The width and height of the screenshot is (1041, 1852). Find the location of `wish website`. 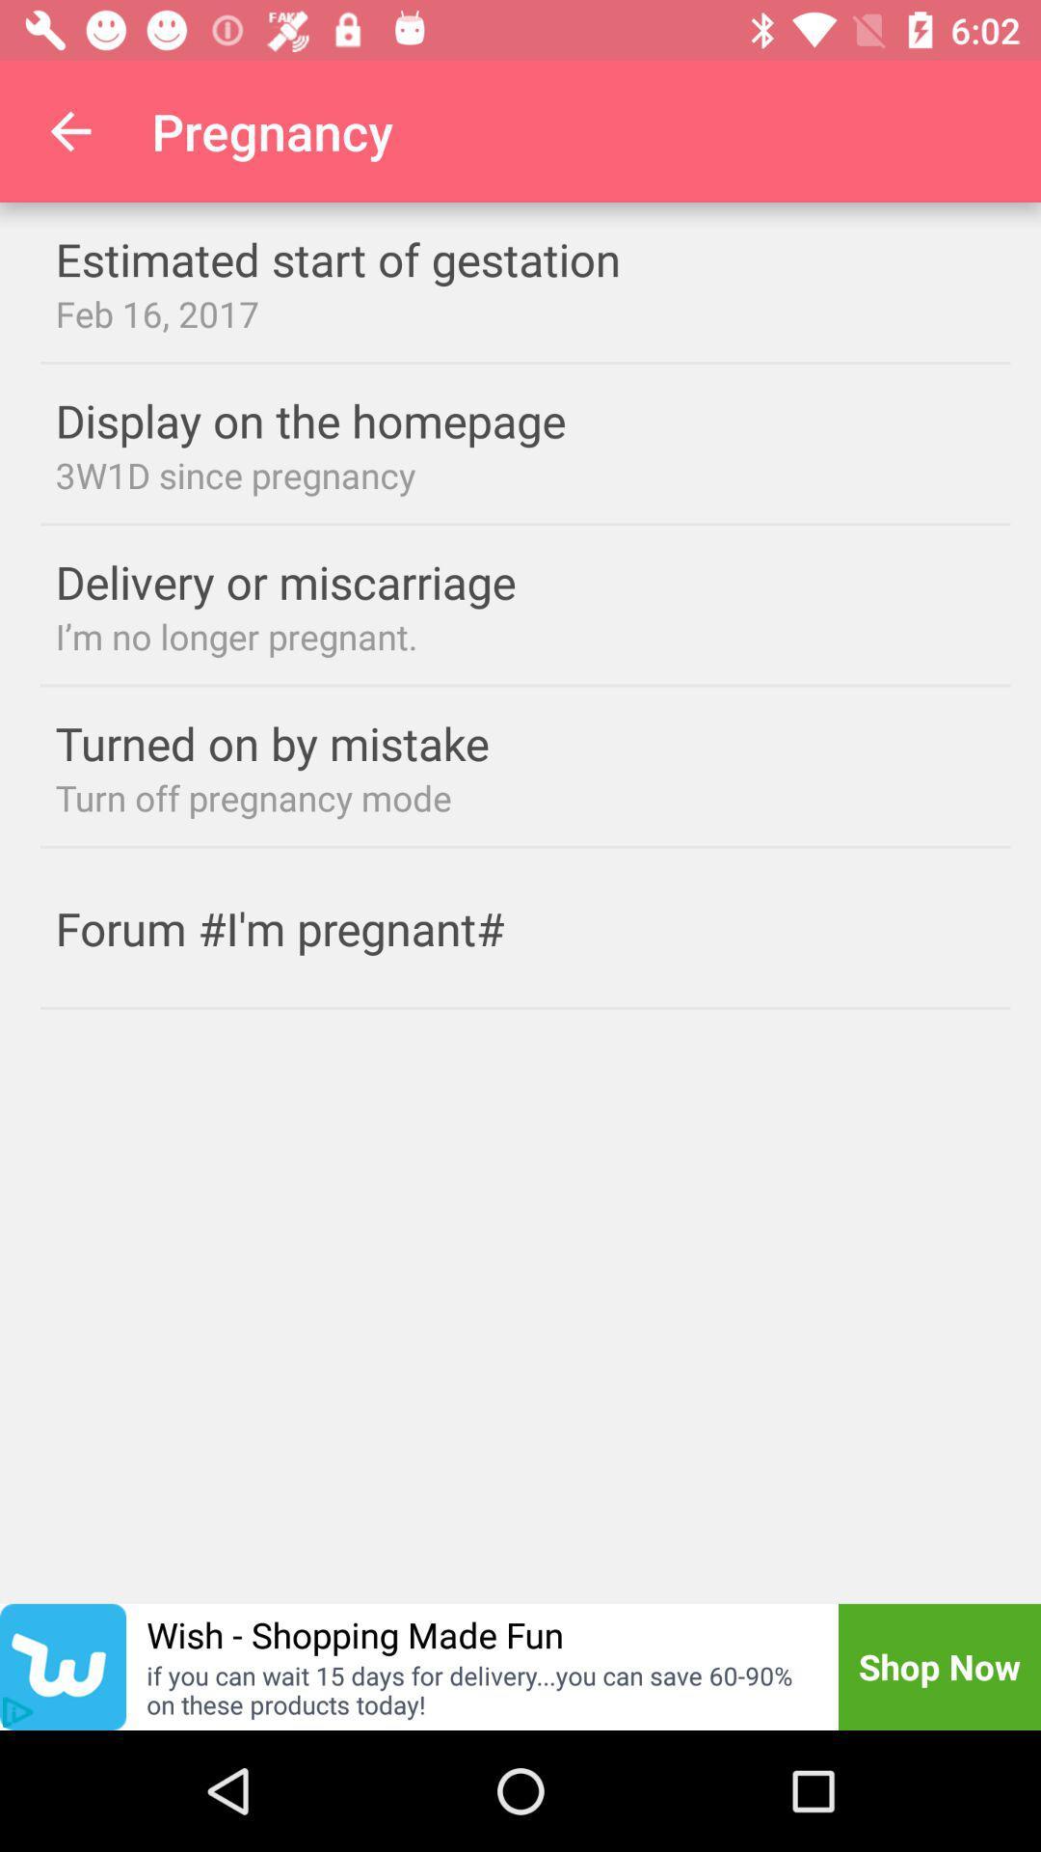

wish website is located at coordinates (62, 1666).